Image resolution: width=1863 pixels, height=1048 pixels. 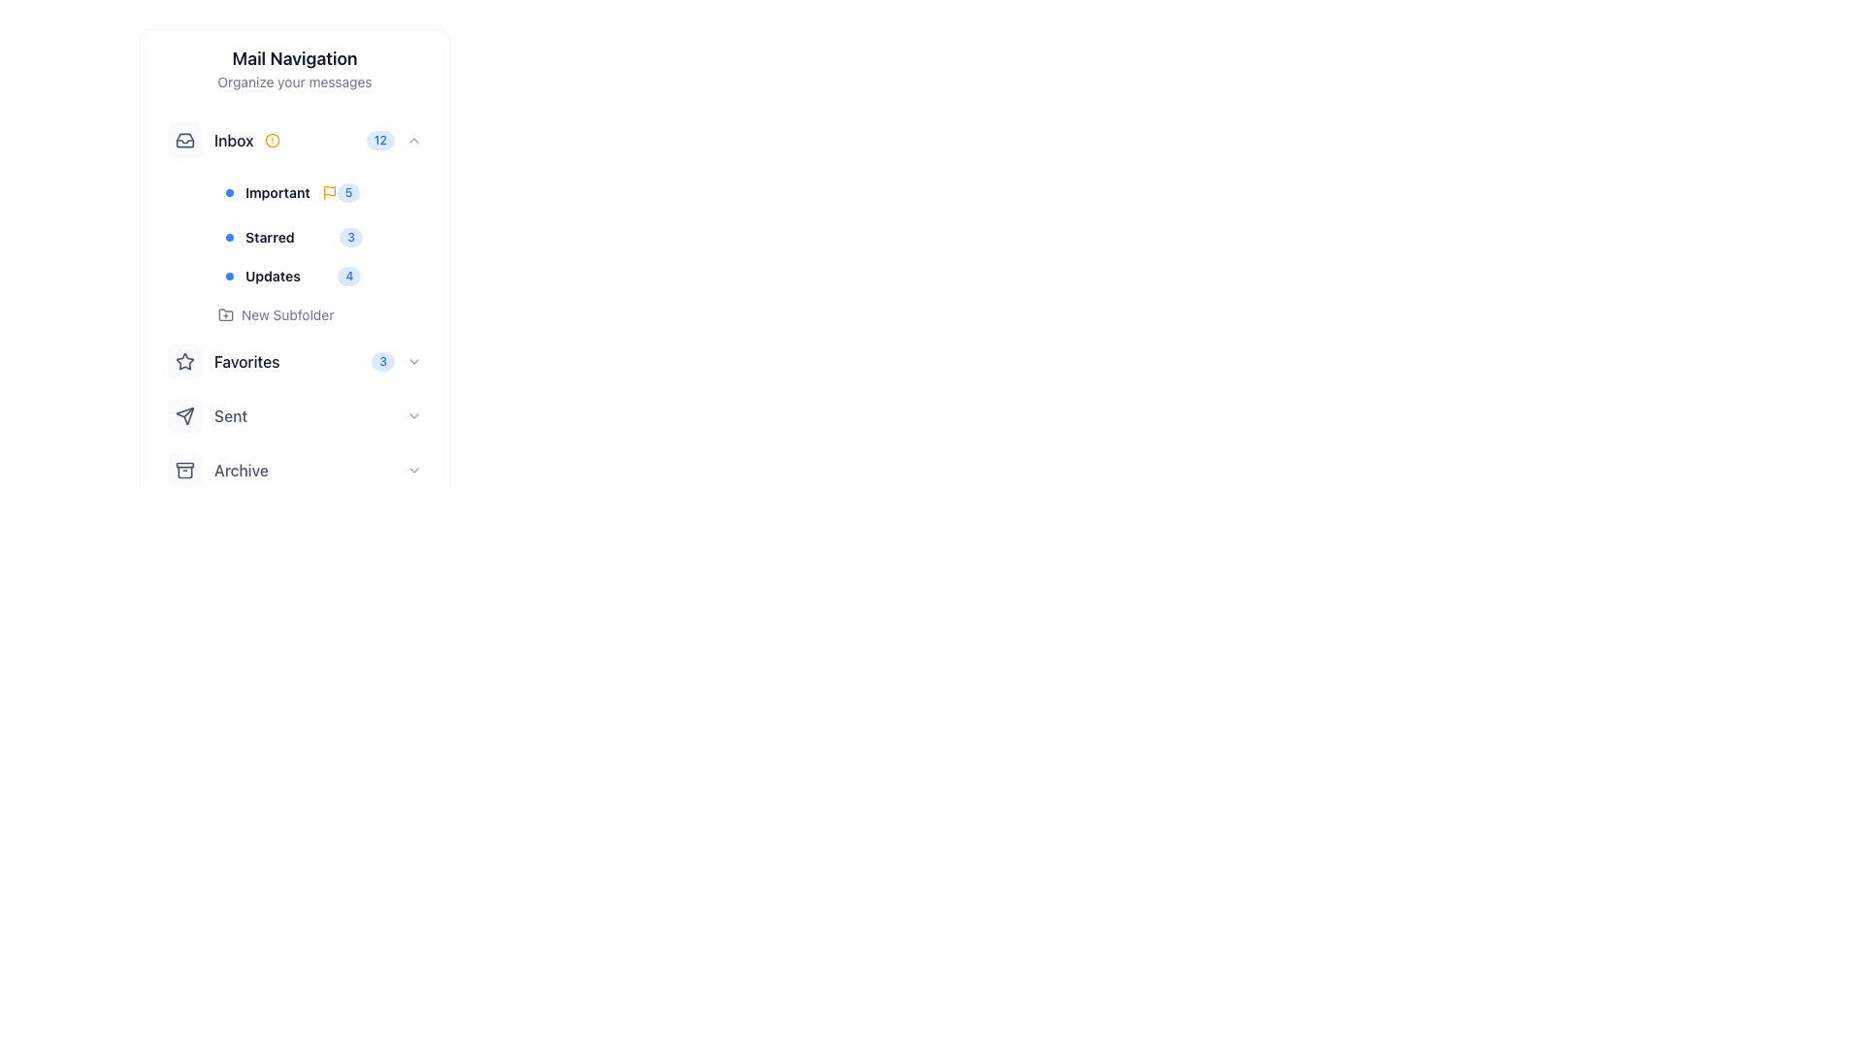 I want to click on the 'Inbox' icon in the sidebar navigation menu, which is a rectangular icon with rounded corners that turns blue on hover, so click(x=185, y=140).